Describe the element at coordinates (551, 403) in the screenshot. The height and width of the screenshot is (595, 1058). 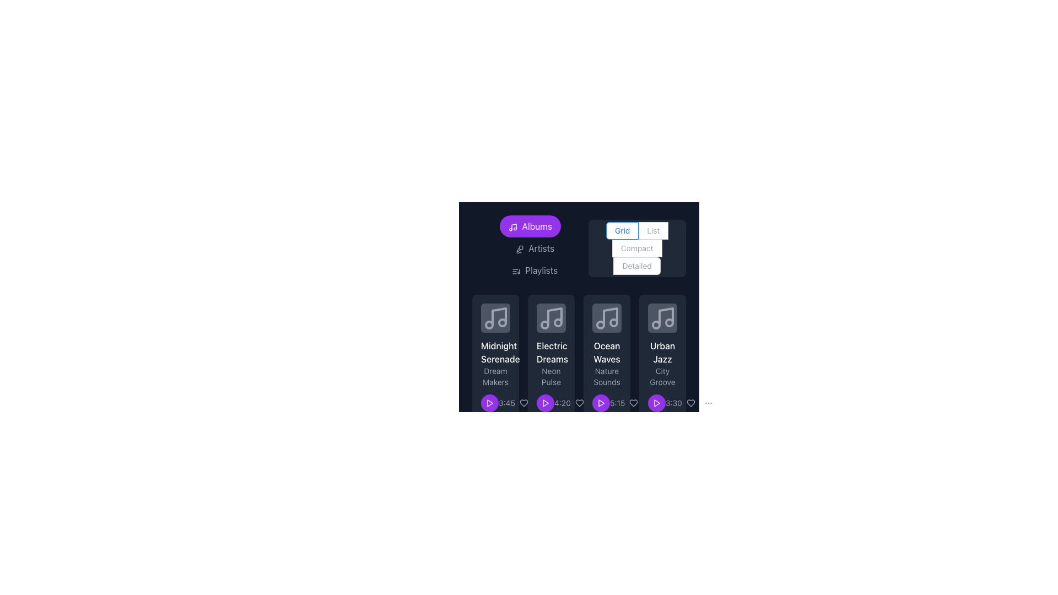
I see `the static text label displaying '4:20' in gray color, which is located next to the purple play button on the 'Electric Dreams' card` at that location.